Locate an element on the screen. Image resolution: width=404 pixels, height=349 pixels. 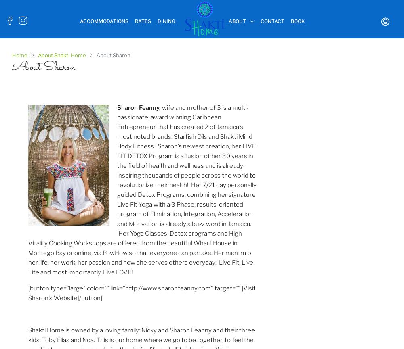
'Book' is located at coordinates (297, 21).